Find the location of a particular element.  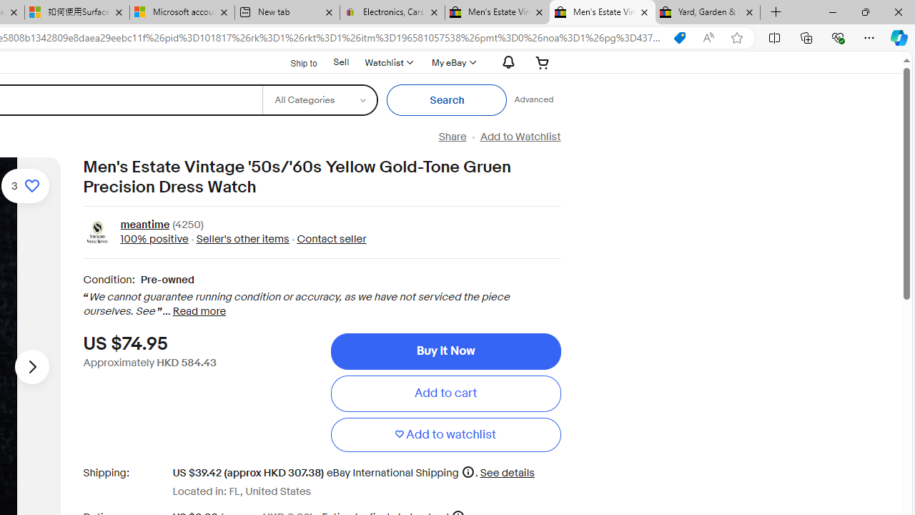

'WatchlistExpand Watch List' is located at coordinates (388, 62).